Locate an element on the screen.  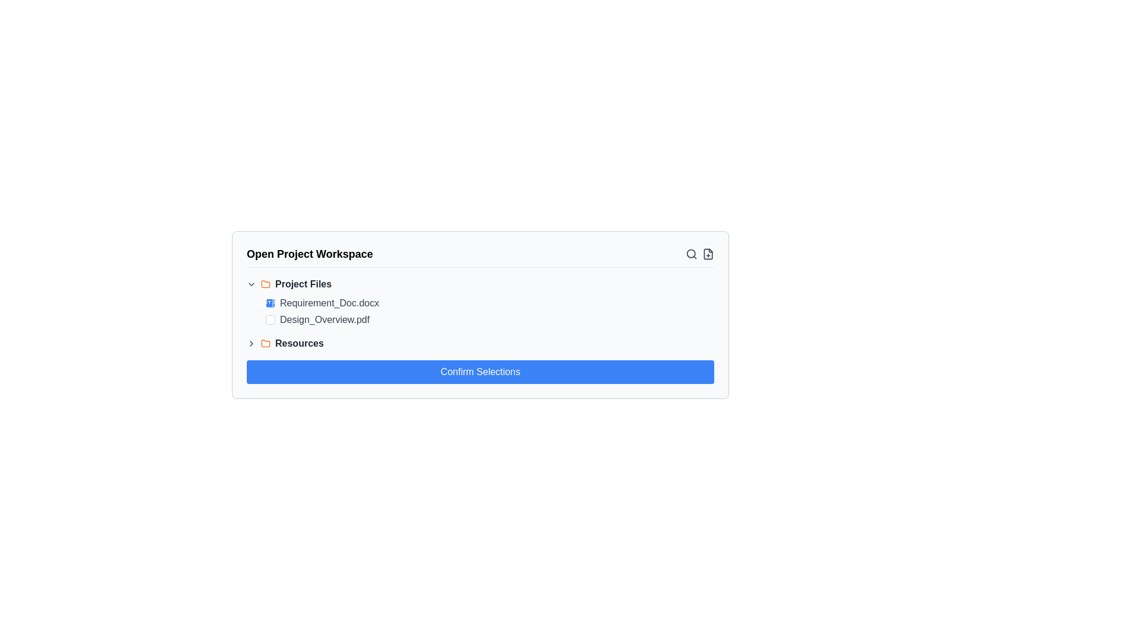
the 'Project Files' text label header is located at coordinates (303, 284).